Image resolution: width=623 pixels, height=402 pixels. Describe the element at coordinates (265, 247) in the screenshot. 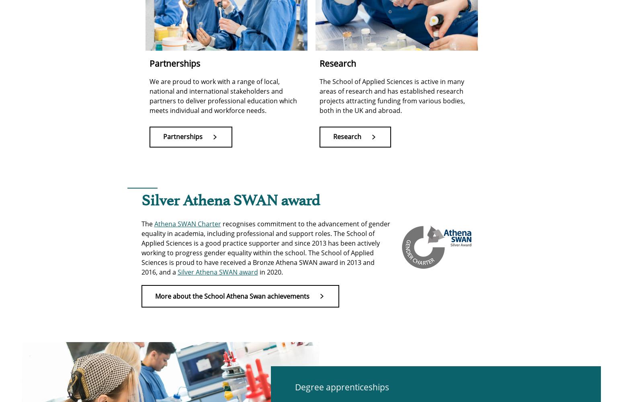

I see `'recognises commitment to the advancement of gender equality in academia, including professional and support roles. The School of Applied Sciences is a good practice supporter and since 2013 has been actively working to progress gender equality within the school. The School of Applied Sciences is proud to have received a Bronze Athena SWAN award in 2013 and 2016, and a'` at that location.